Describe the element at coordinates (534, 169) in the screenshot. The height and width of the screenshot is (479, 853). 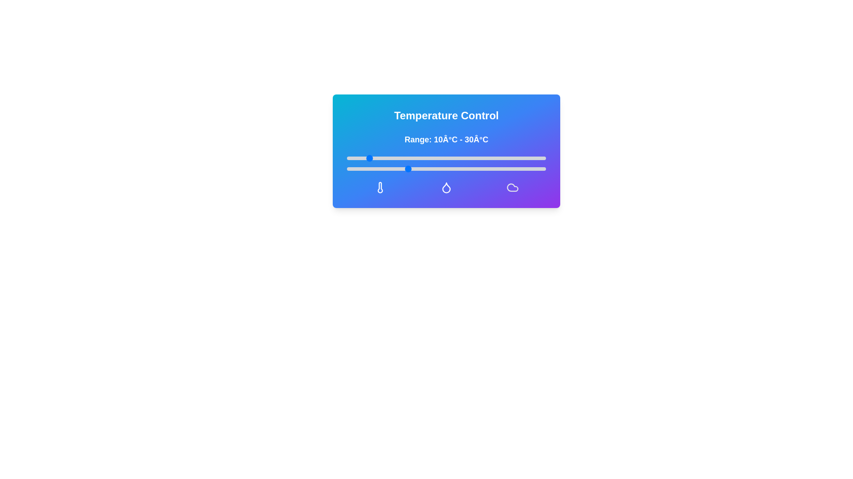
I see `the slider` at that location.